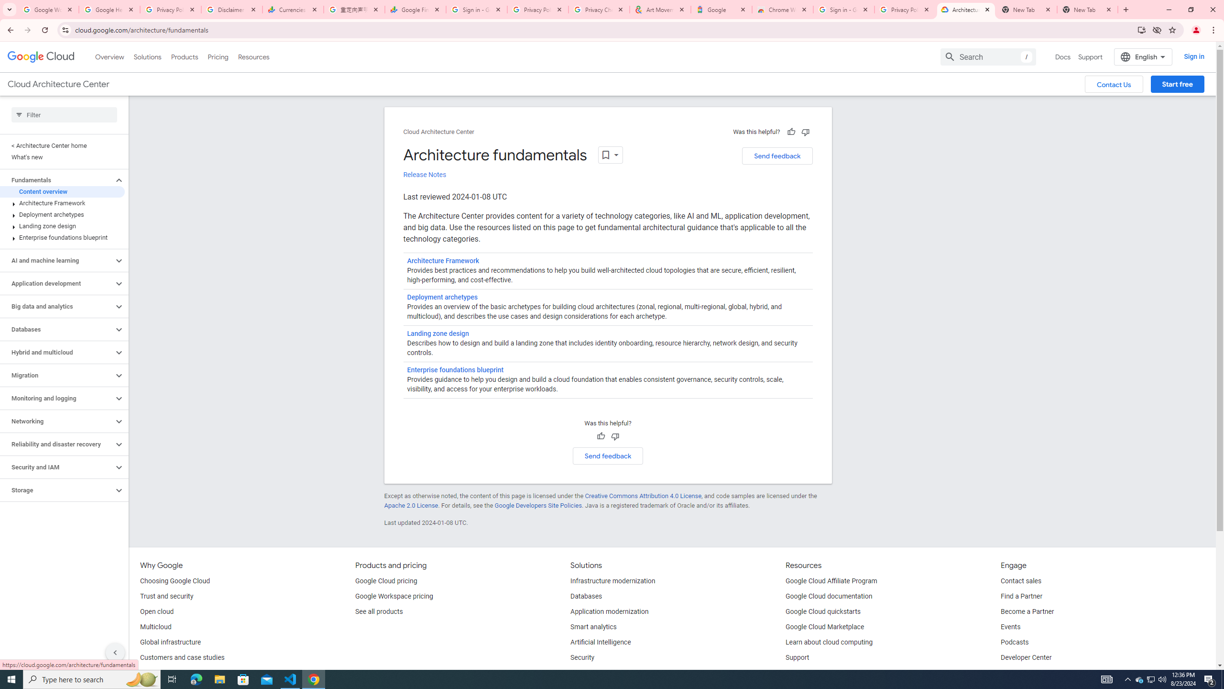  I want to click on 'Hide side navigation', so click(115, 652).